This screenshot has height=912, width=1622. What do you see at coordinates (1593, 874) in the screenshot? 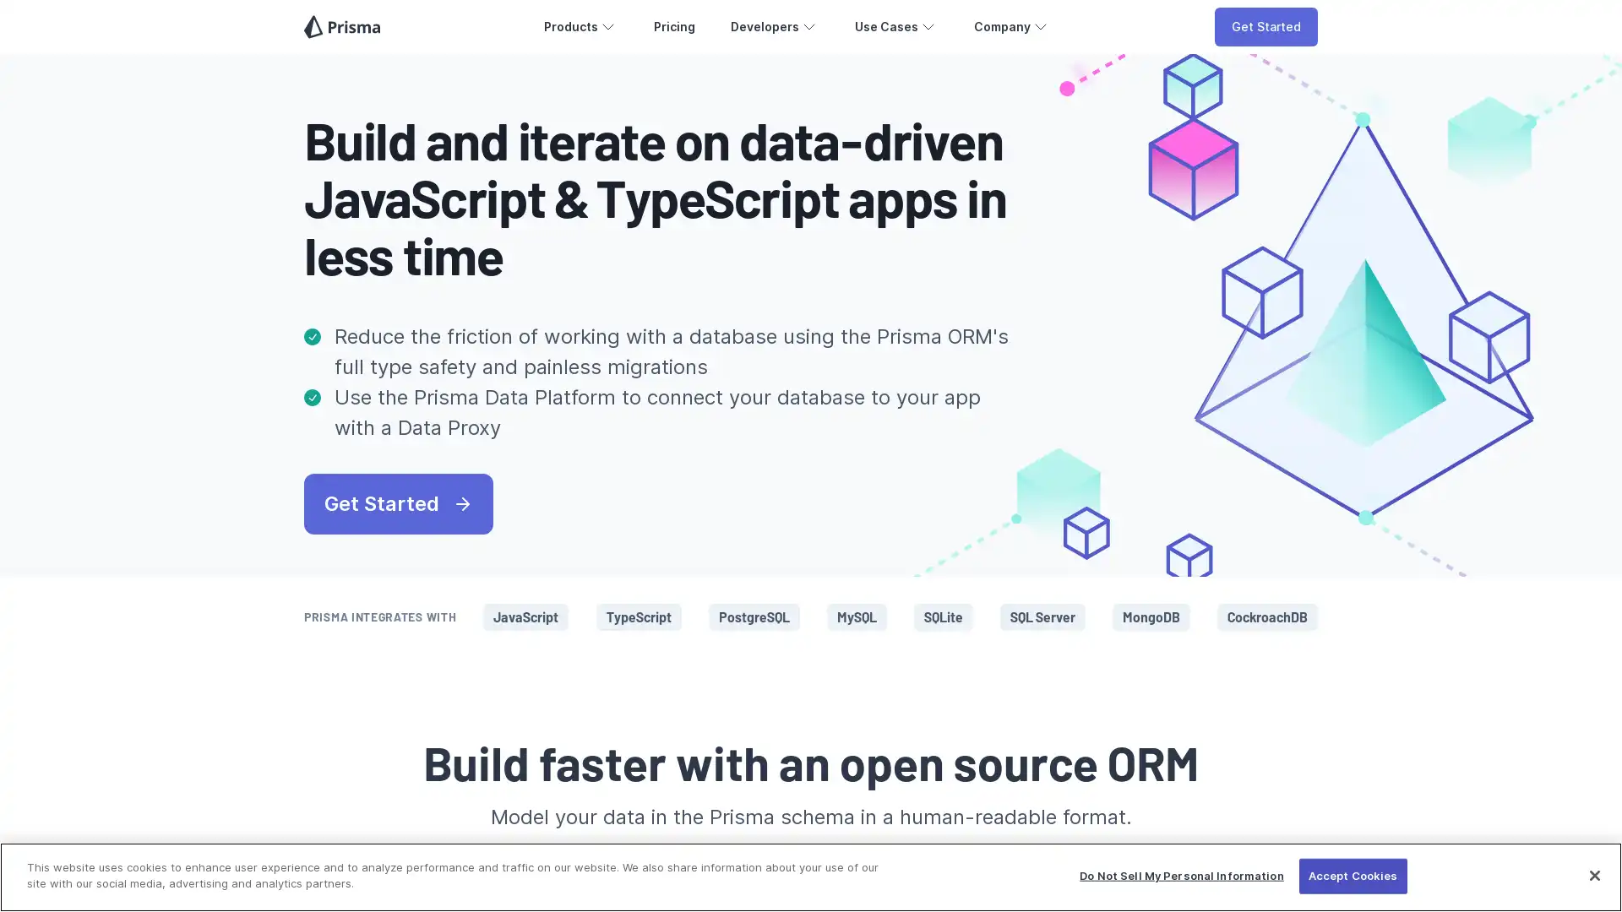
I see `Close` at bounding box center [1593, 874].